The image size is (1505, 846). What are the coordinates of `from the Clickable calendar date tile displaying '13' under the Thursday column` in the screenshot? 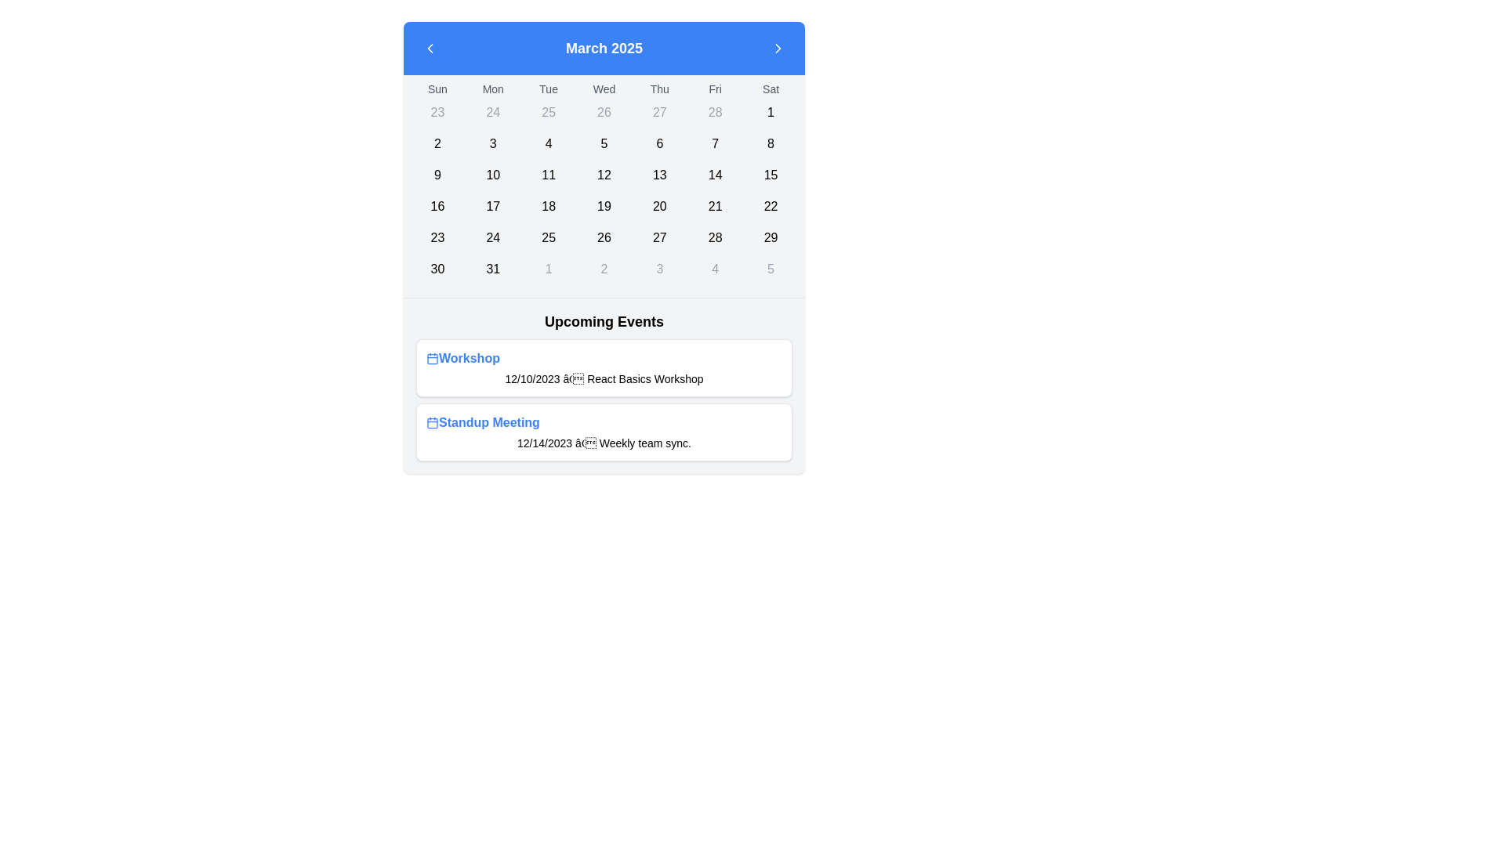 It's located at (659, 175).